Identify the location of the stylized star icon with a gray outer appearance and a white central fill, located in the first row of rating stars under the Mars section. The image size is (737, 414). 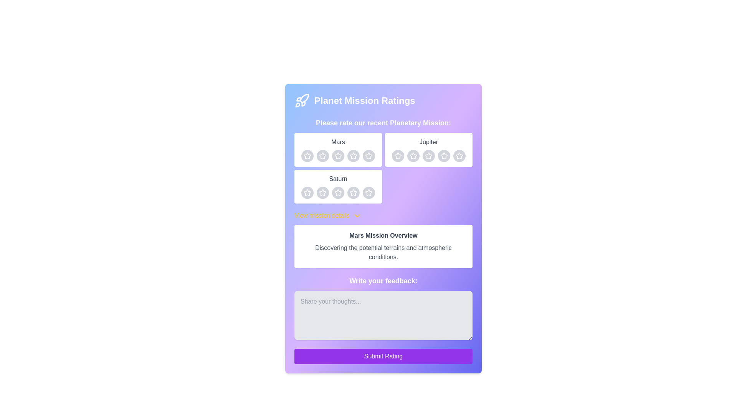
(338, 156).